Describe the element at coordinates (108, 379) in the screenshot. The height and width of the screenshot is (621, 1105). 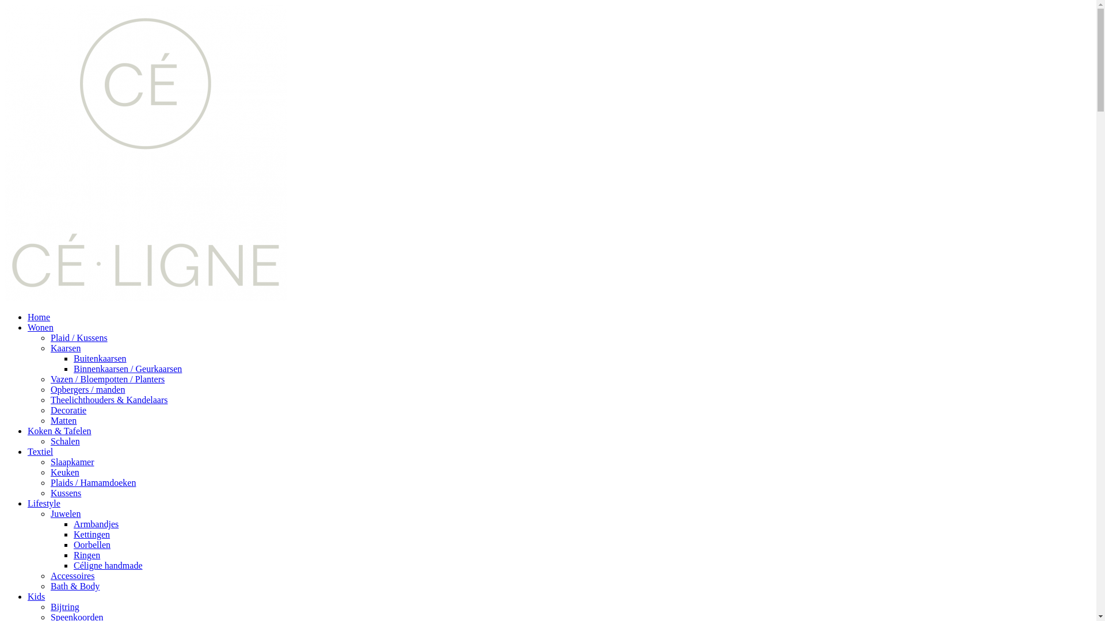
I see `'Vazen / Bloempotten / Planters'` at that location.